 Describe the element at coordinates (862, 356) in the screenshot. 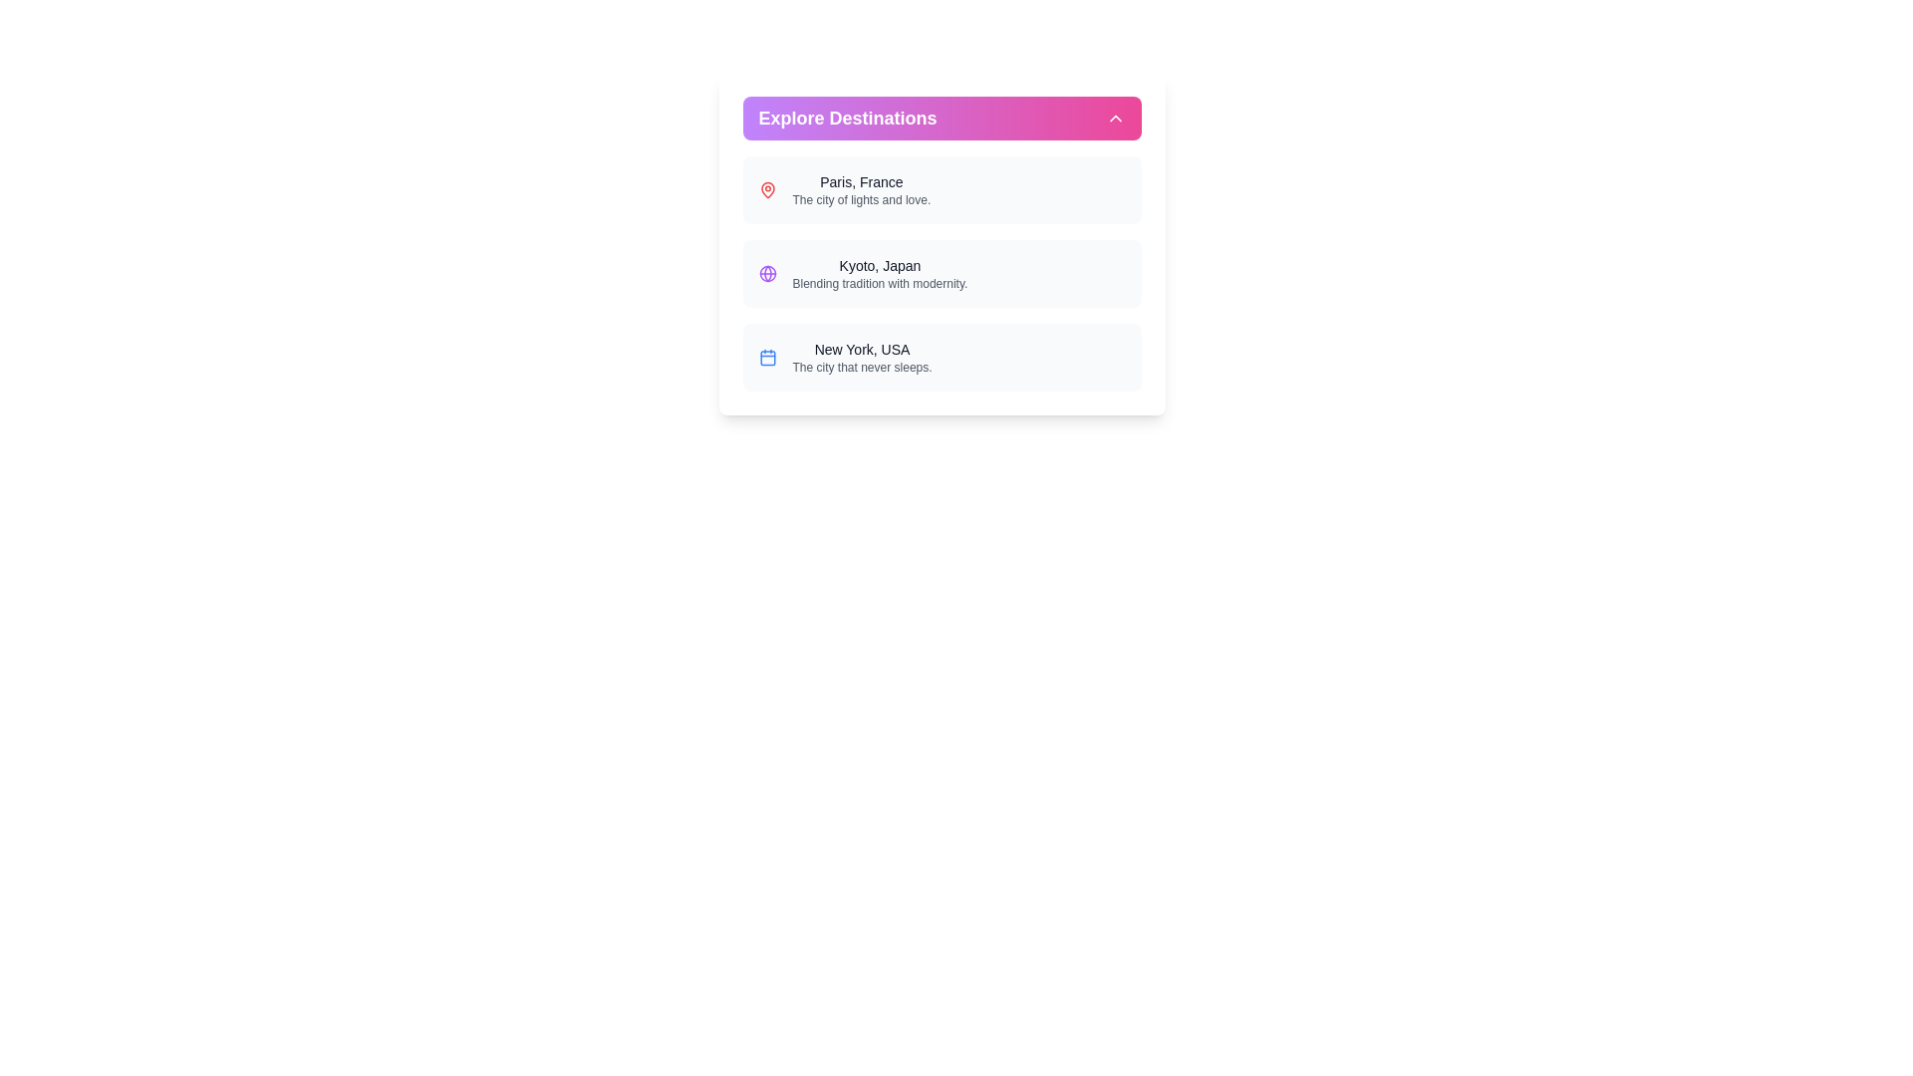

I see `the third text block in the 'Explore Destinations' list, which contains the title and description for a location entry, positioned between 'Kyoto, Japan' and no other entries` at that location.